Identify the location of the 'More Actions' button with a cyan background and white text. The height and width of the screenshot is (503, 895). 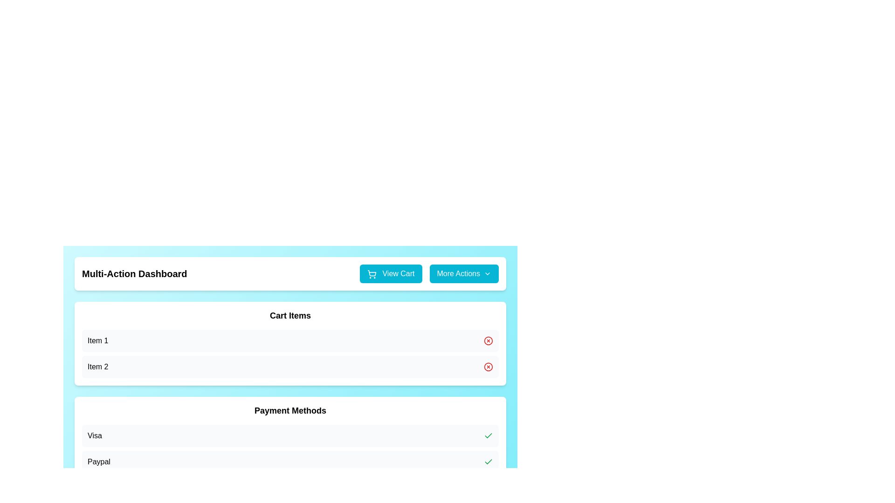
(464, 273).